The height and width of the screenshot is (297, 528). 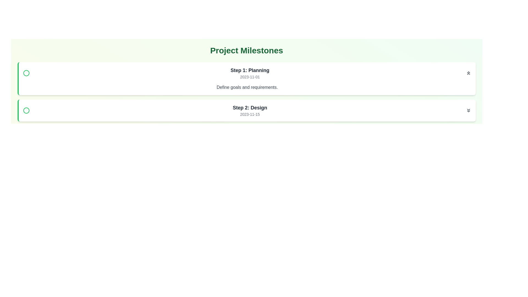 What do you see at coordinates (246, 110) in the screenshot?
I see `the 'Step 2: Design' card` at bounding box center [246, 110].